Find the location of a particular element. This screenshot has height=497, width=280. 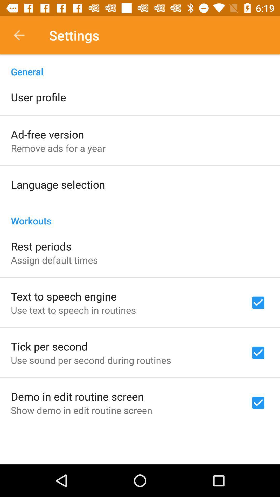

the item below user profile icon is located at coordinates (47, 134).